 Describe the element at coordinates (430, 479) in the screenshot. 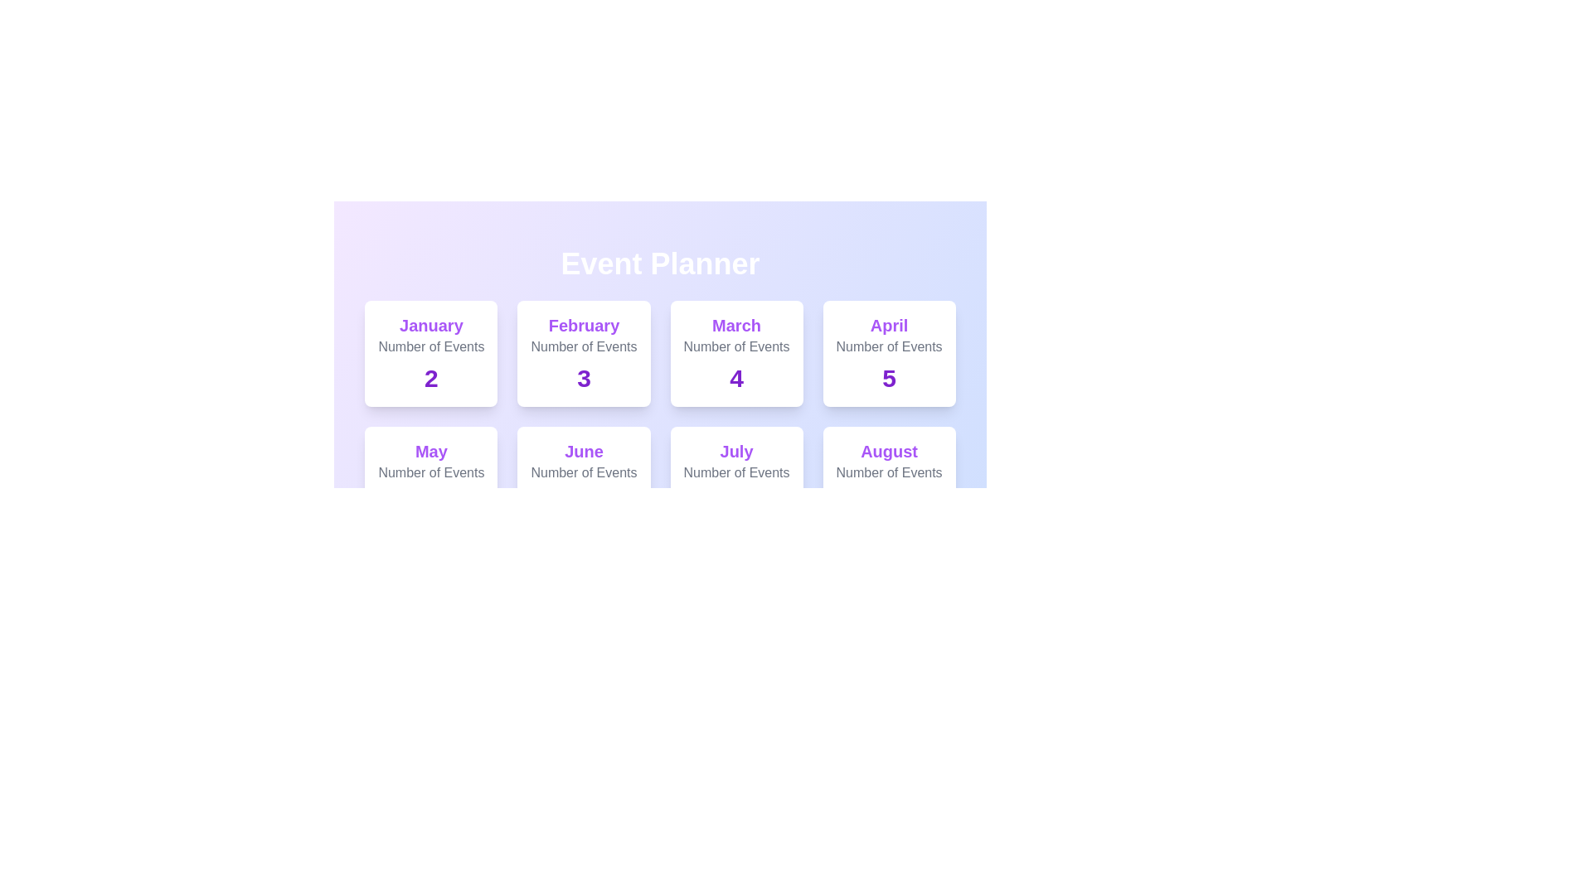

I see `the card for May` at that location.